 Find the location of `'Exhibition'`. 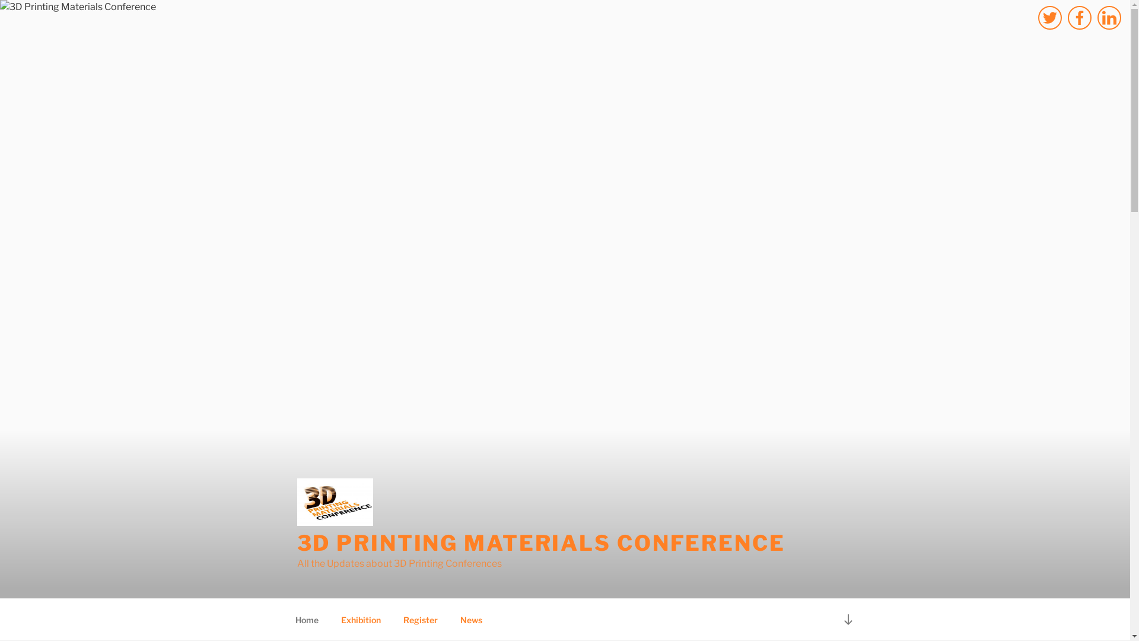

'Exhibition' is located at coordinates (361, 619).